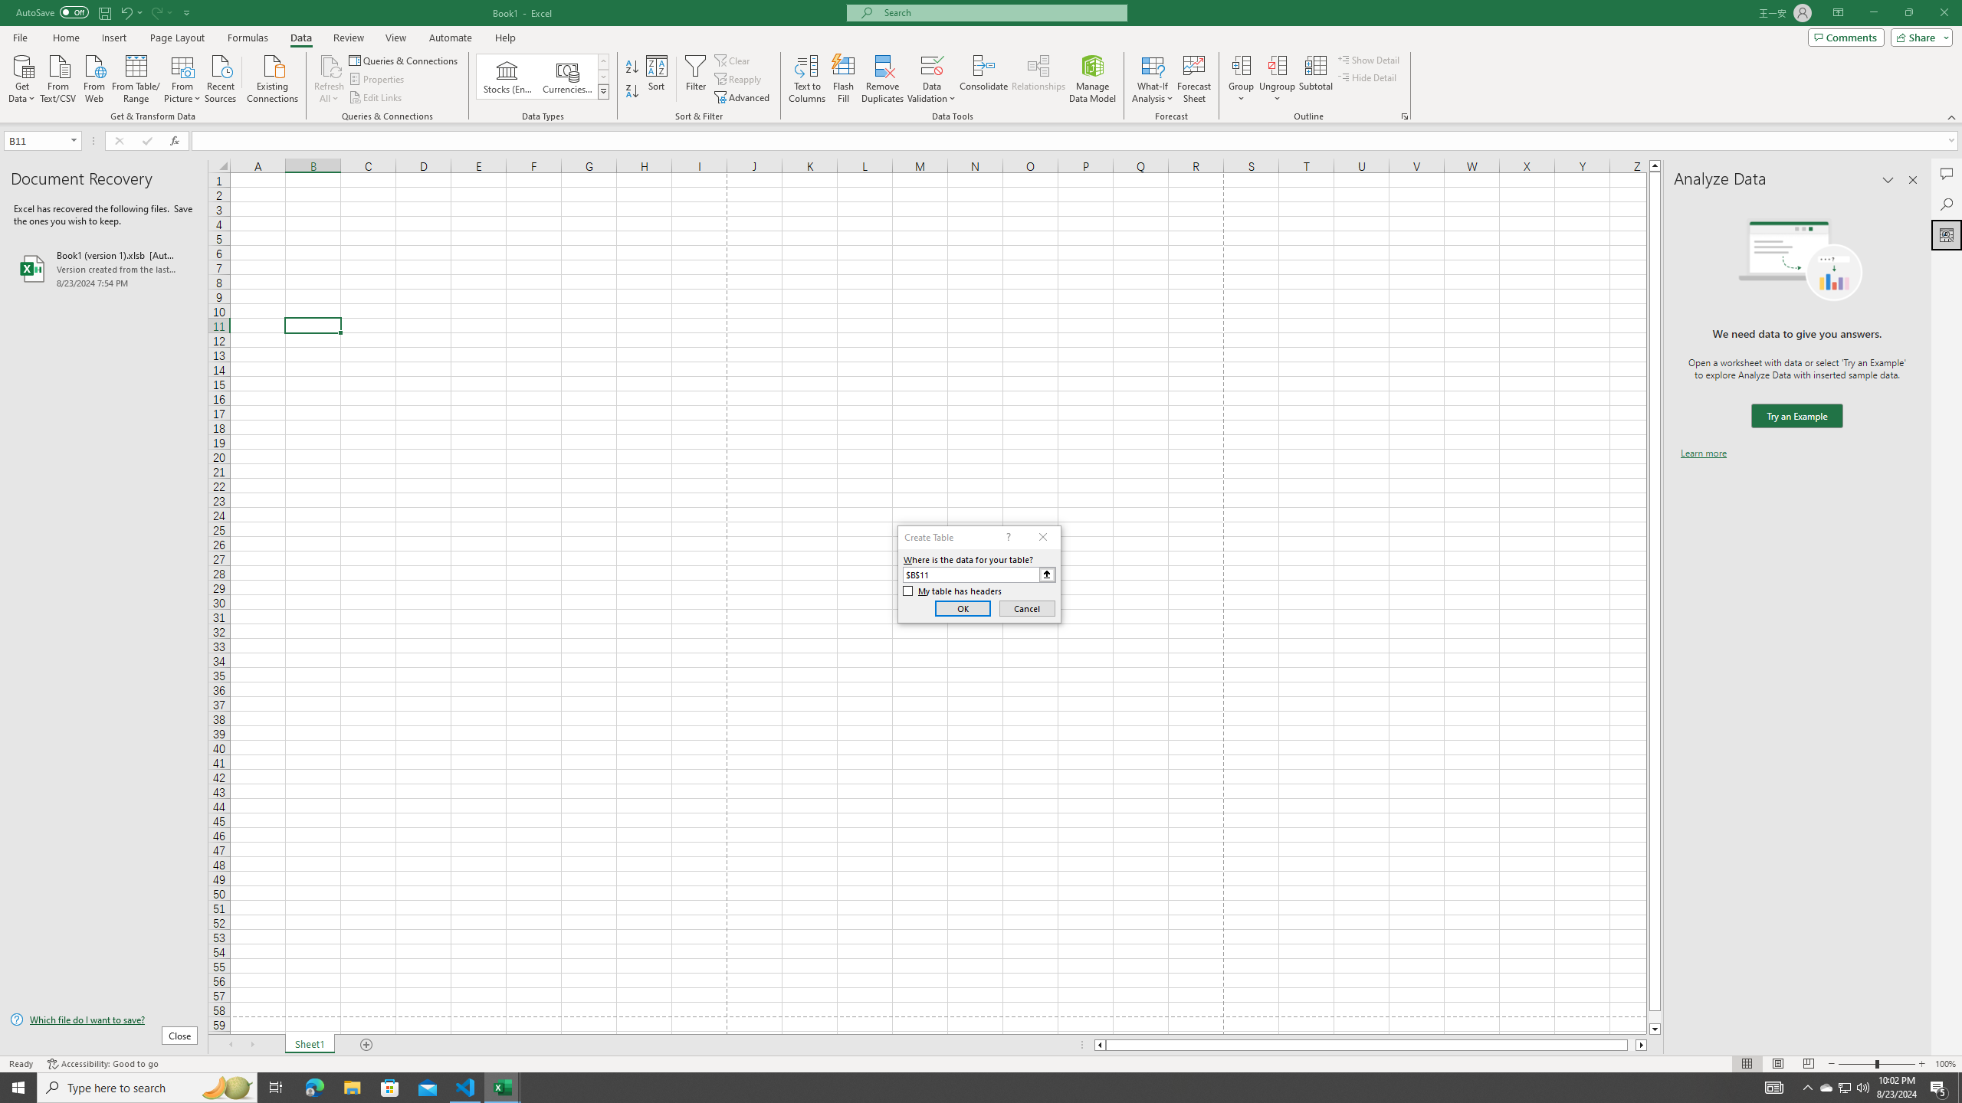  Describe the element at coordinates (1796, 416) in the screenshot. I see `'We need data to give you answers. Try an Example'` at that location.